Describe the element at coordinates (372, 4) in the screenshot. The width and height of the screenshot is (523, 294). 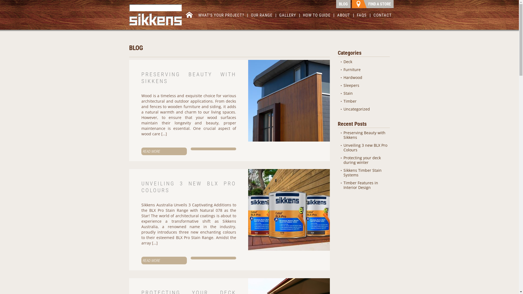
I see `'FIND A STORE'` at that location.